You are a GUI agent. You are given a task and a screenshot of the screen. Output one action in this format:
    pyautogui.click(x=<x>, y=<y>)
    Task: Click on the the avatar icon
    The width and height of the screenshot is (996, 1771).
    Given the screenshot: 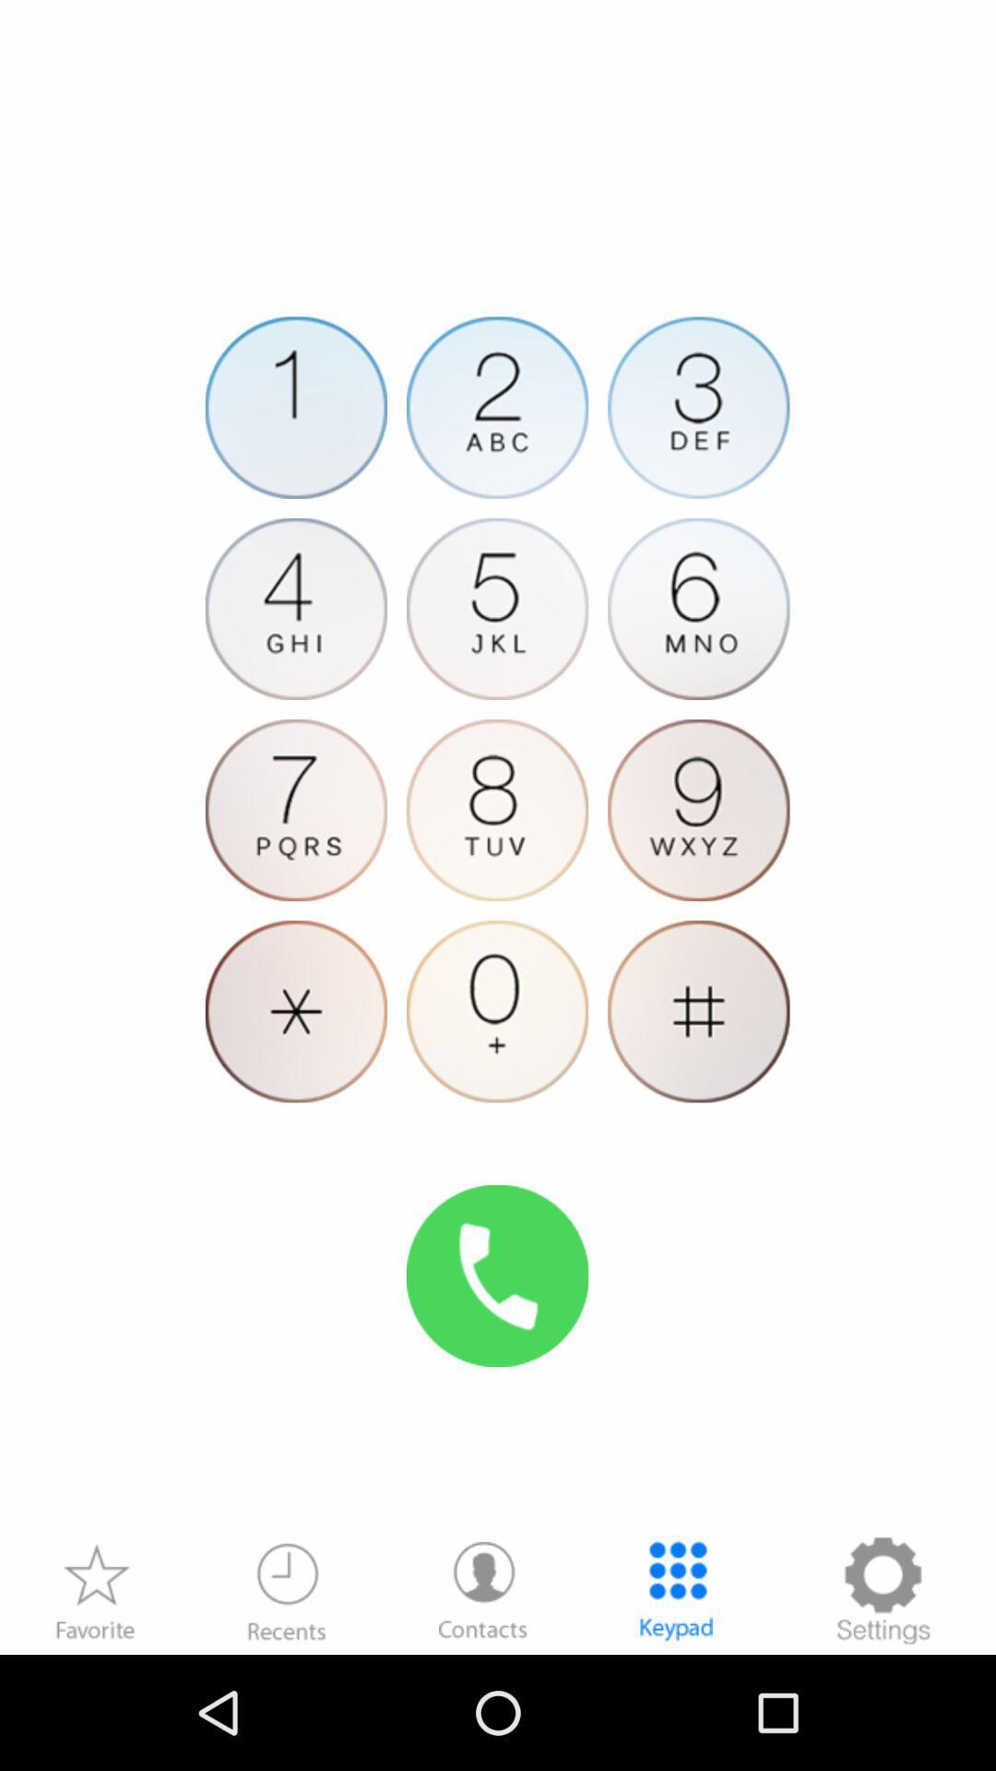 What is the action you would take?
    pyautogui.click(x=496, y=866)
    